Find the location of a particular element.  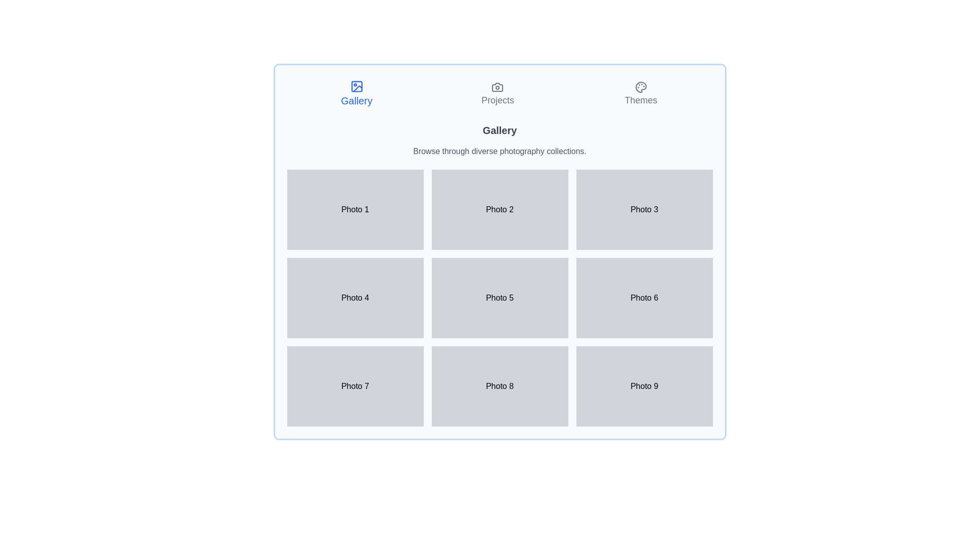

the camera icon, which is grey in color and located above the text 'Projects' in the top navigation bar is located at coordinates (498, 86).